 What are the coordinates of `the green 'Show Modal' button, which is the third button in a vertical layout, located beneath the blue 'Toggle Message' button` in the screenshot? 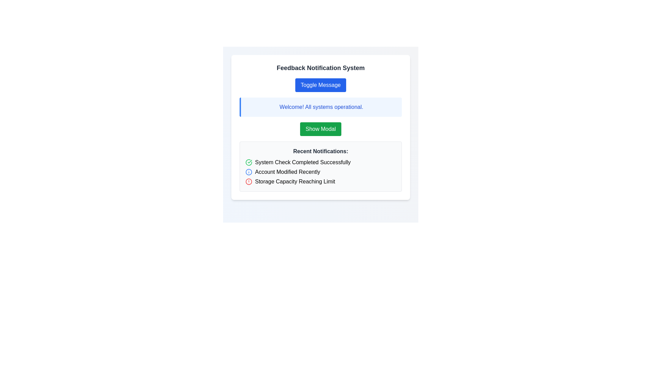 It's located at (320, 129).